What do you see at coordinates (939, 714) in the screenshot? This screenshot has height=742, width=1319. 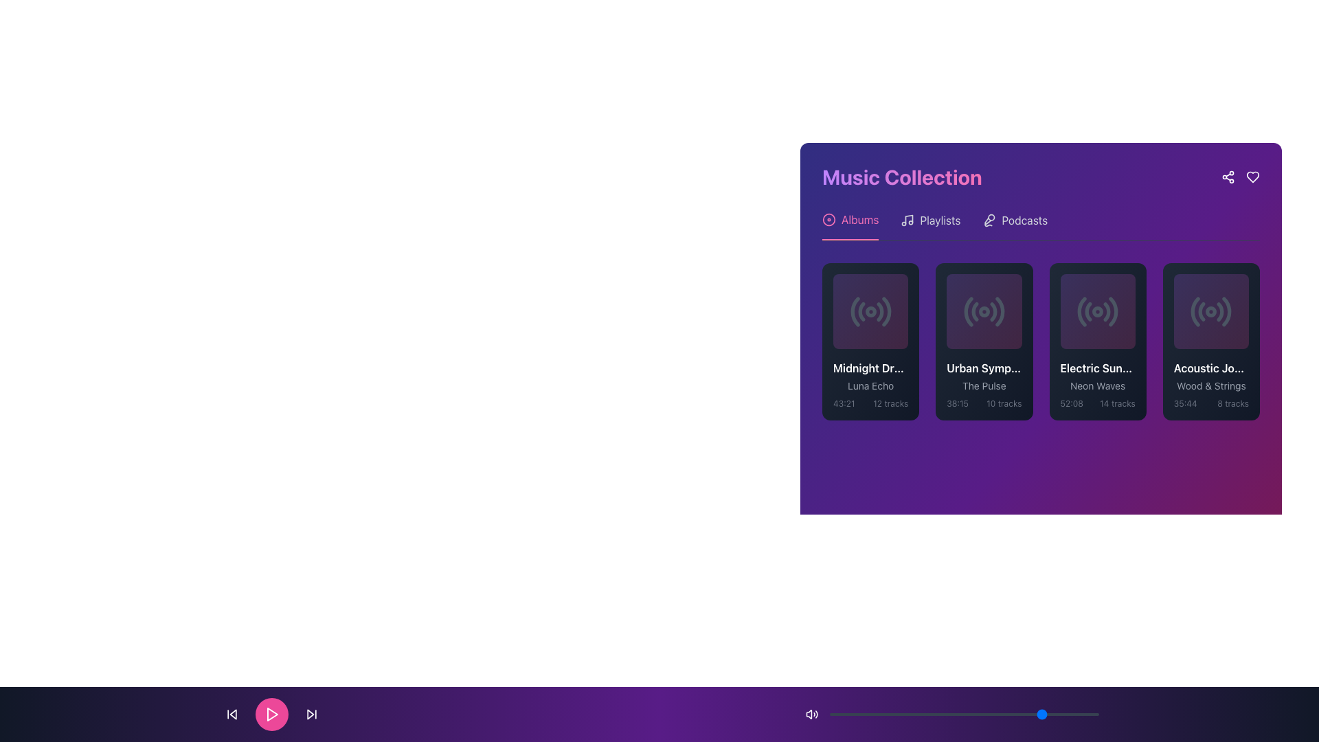 I see `the slider value` at bounding box center [939, 714].